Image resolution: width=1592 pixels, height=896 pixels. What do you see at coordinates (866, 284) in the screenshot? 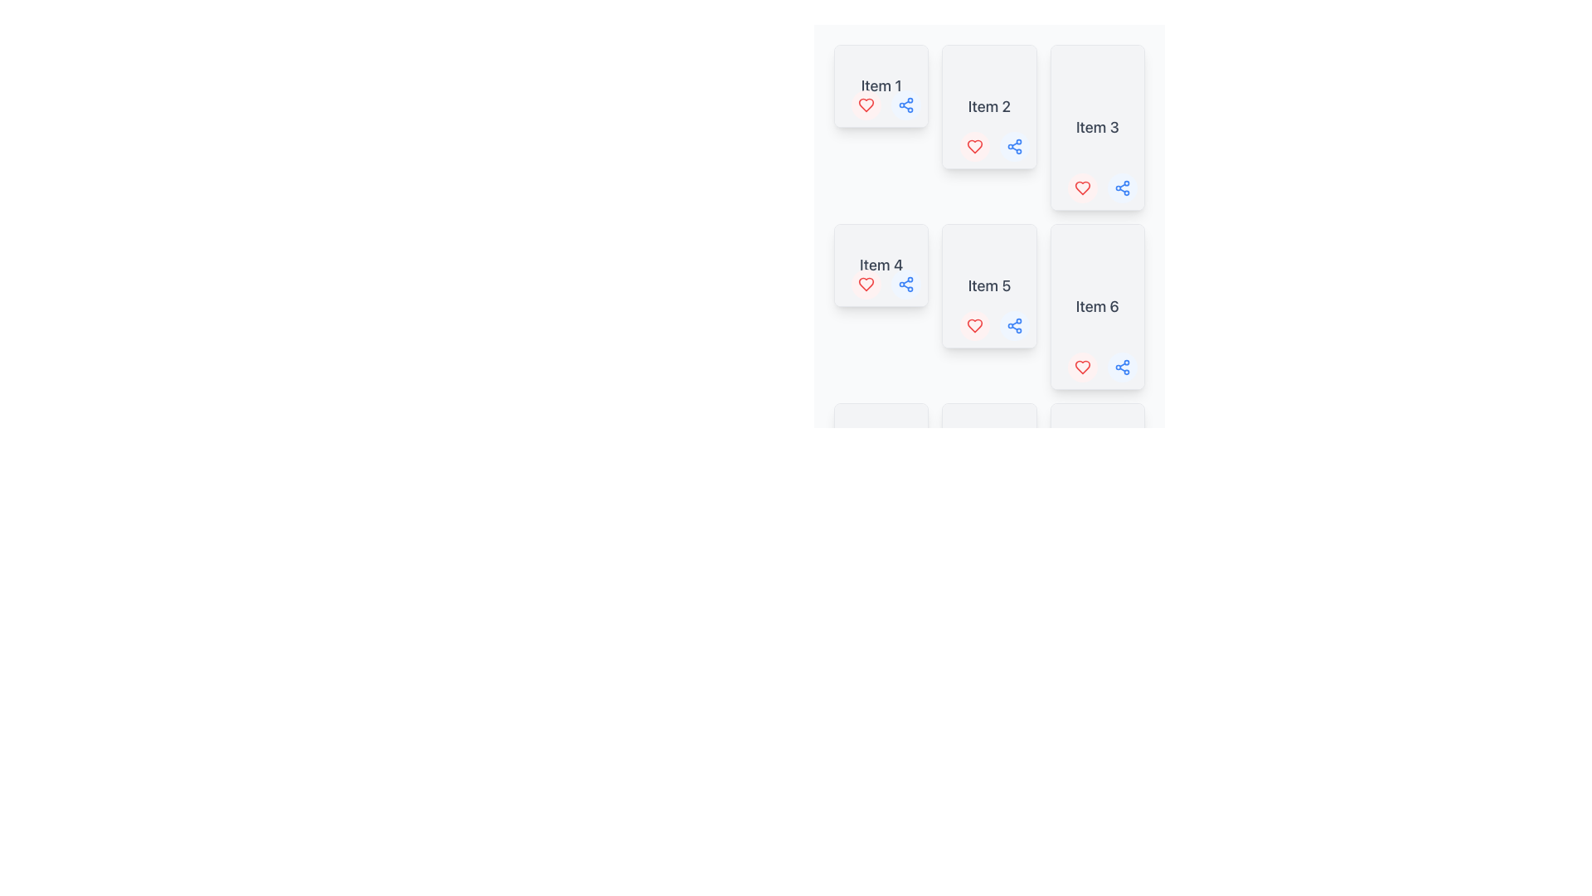
I see `the visual feedback of the heart-shaped icon used as a favorite or like button located to the left of the share icon and below the 'Item 4' text label` at bounding box center [866, 284].